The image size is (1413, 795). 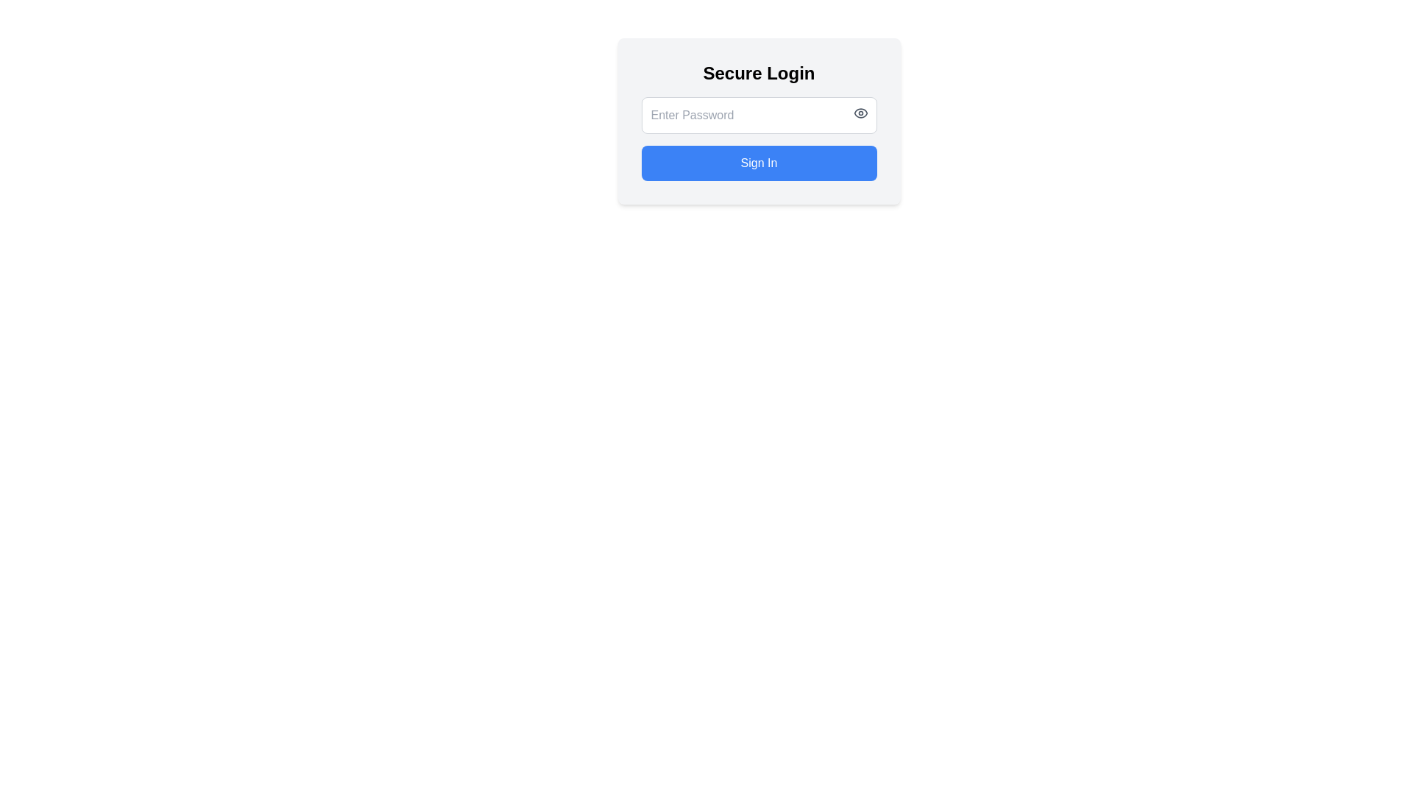 What do you see at coordinates (759, 163) in the screenshot?
I see `the 'Sign In' button with a blue background and white text within the 'Secure Login' interface to change its shade` at bounding box center [759, 163].